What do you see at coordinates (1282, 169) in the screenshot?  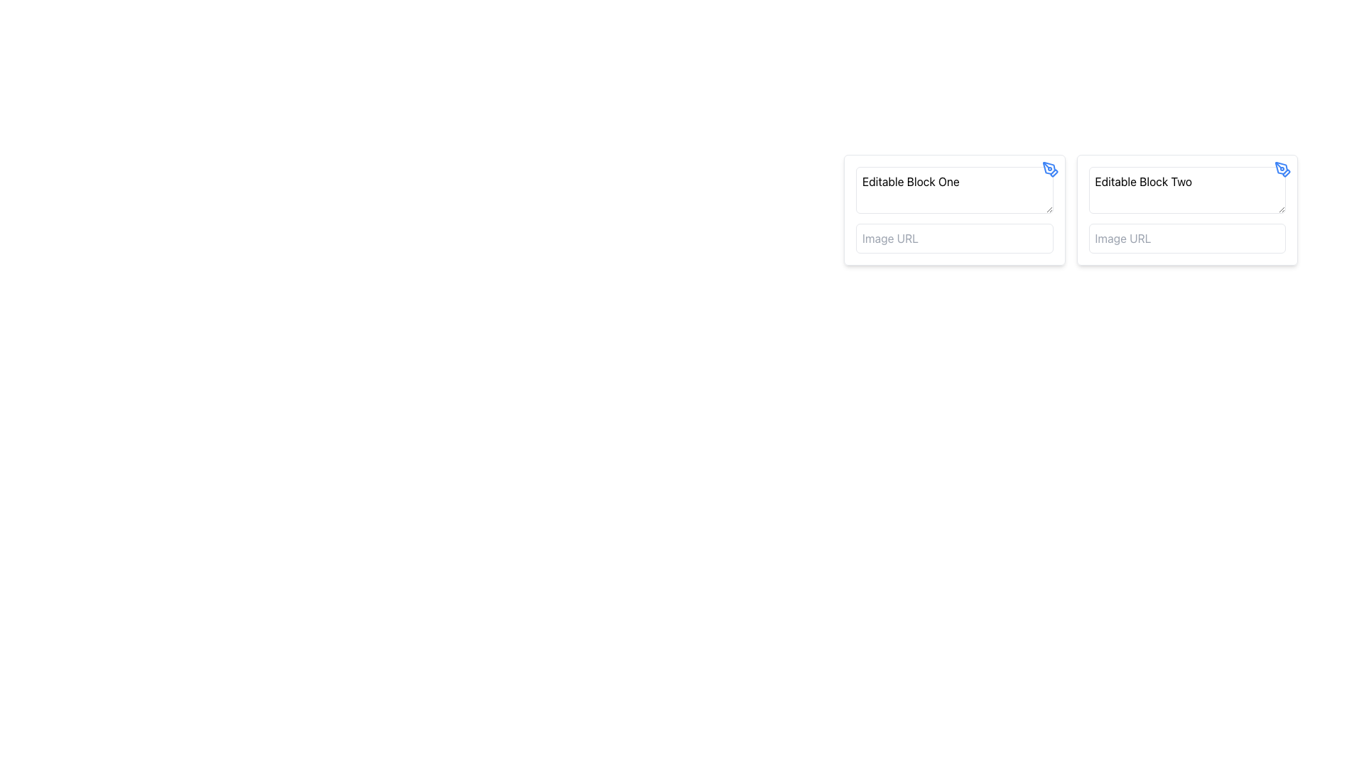 I see `the blue pen-shaped icon located at the top-right corner of the 'Editable Block Two' to reference actions related` at bounding box center [1282, 169].